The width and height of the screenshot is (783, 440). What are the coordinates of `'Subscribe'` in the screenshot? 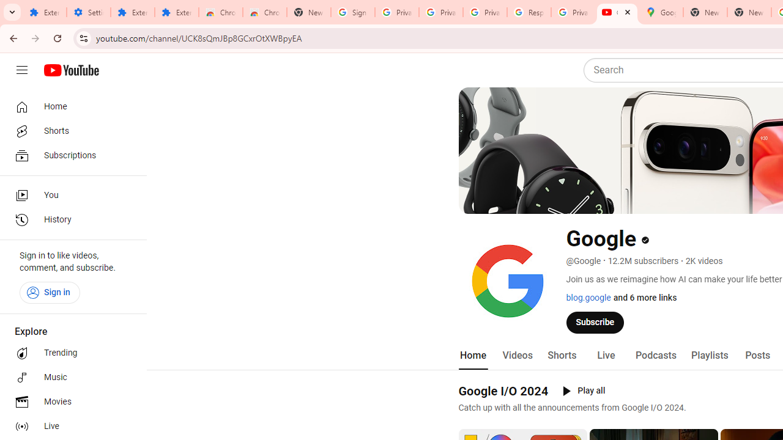 It's located at (595, 321).